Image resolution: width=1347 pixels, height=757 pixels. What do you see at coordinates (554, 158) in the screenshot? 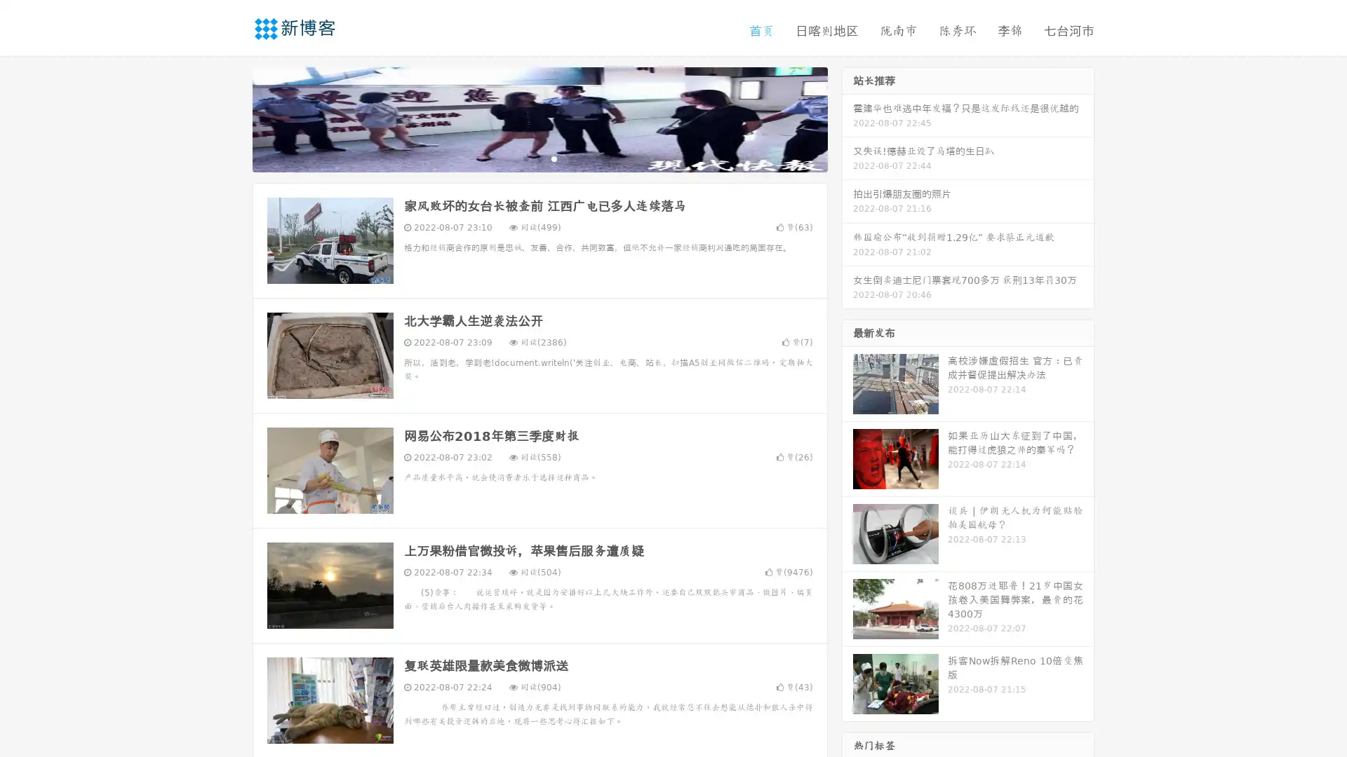
I see `Go to slide 3` at bounding box center [554, 158].